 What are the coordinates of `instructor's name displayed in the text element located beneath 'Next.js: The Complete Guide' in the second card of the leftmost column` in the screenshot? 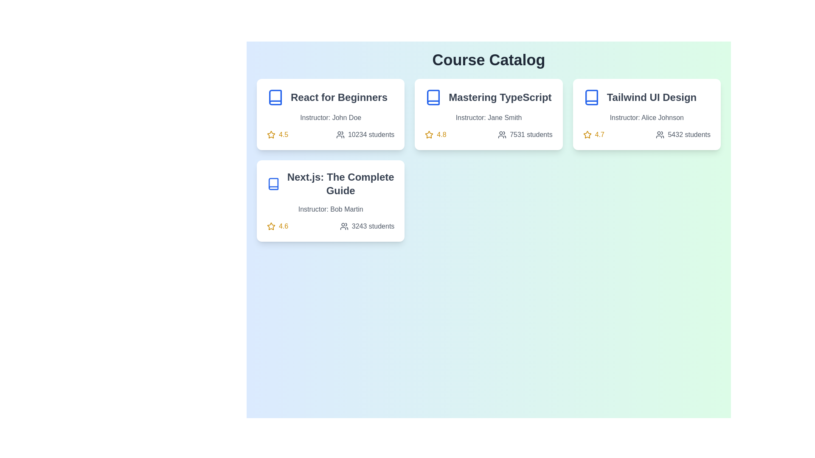 It's located at (330, 209).